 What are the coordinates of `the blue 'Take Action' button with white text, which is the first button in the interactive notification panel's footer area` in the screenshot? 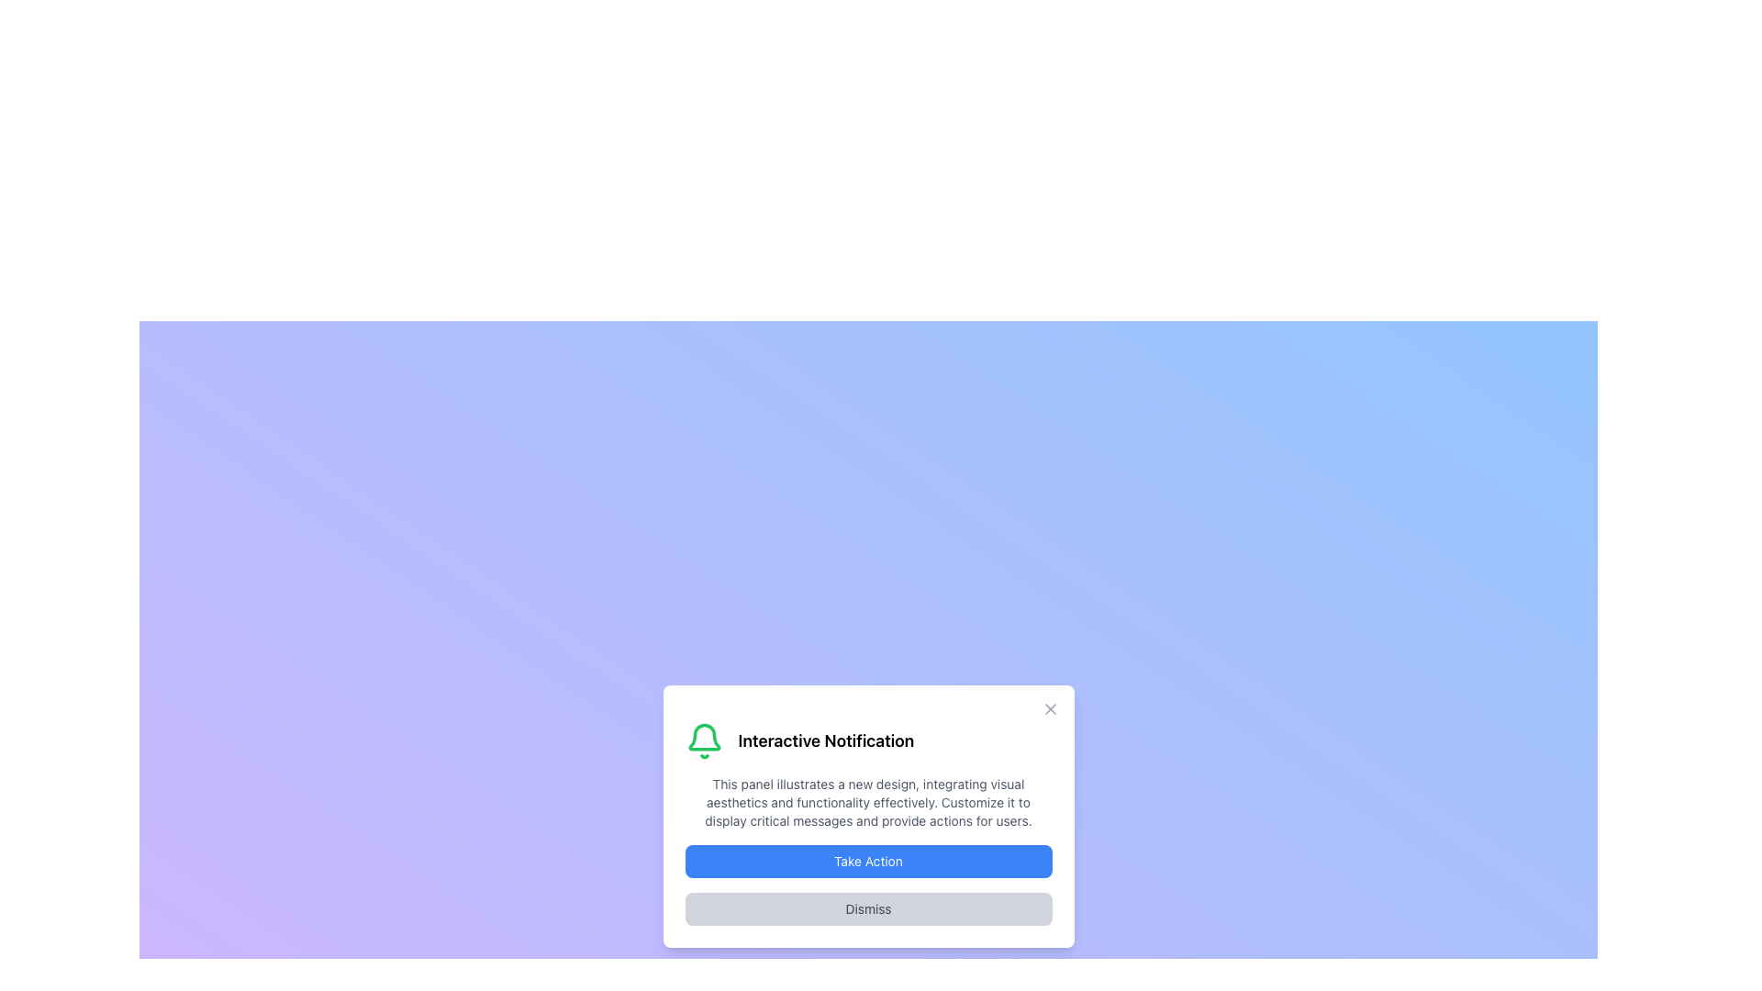 It's located at (867, 861).